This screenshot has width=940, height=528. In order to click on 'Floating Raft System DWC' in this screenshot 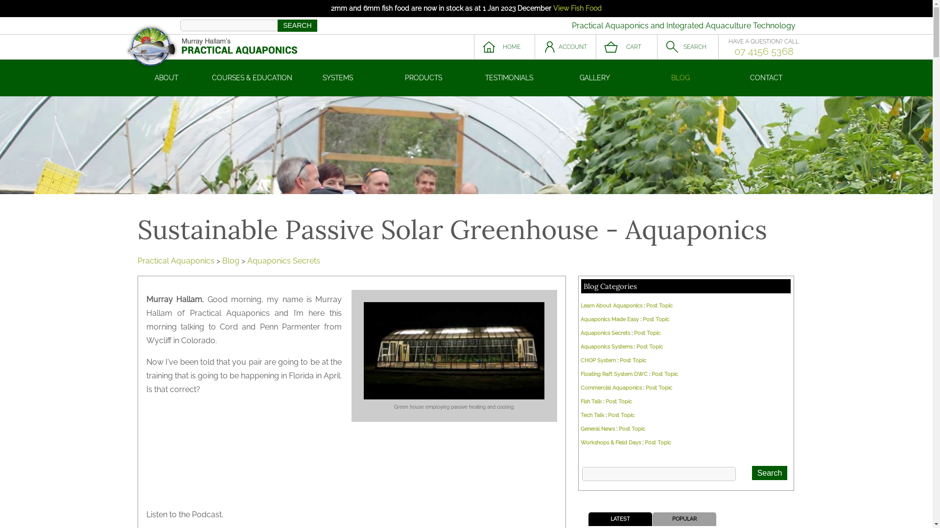, I will do `click(613, 374)`.